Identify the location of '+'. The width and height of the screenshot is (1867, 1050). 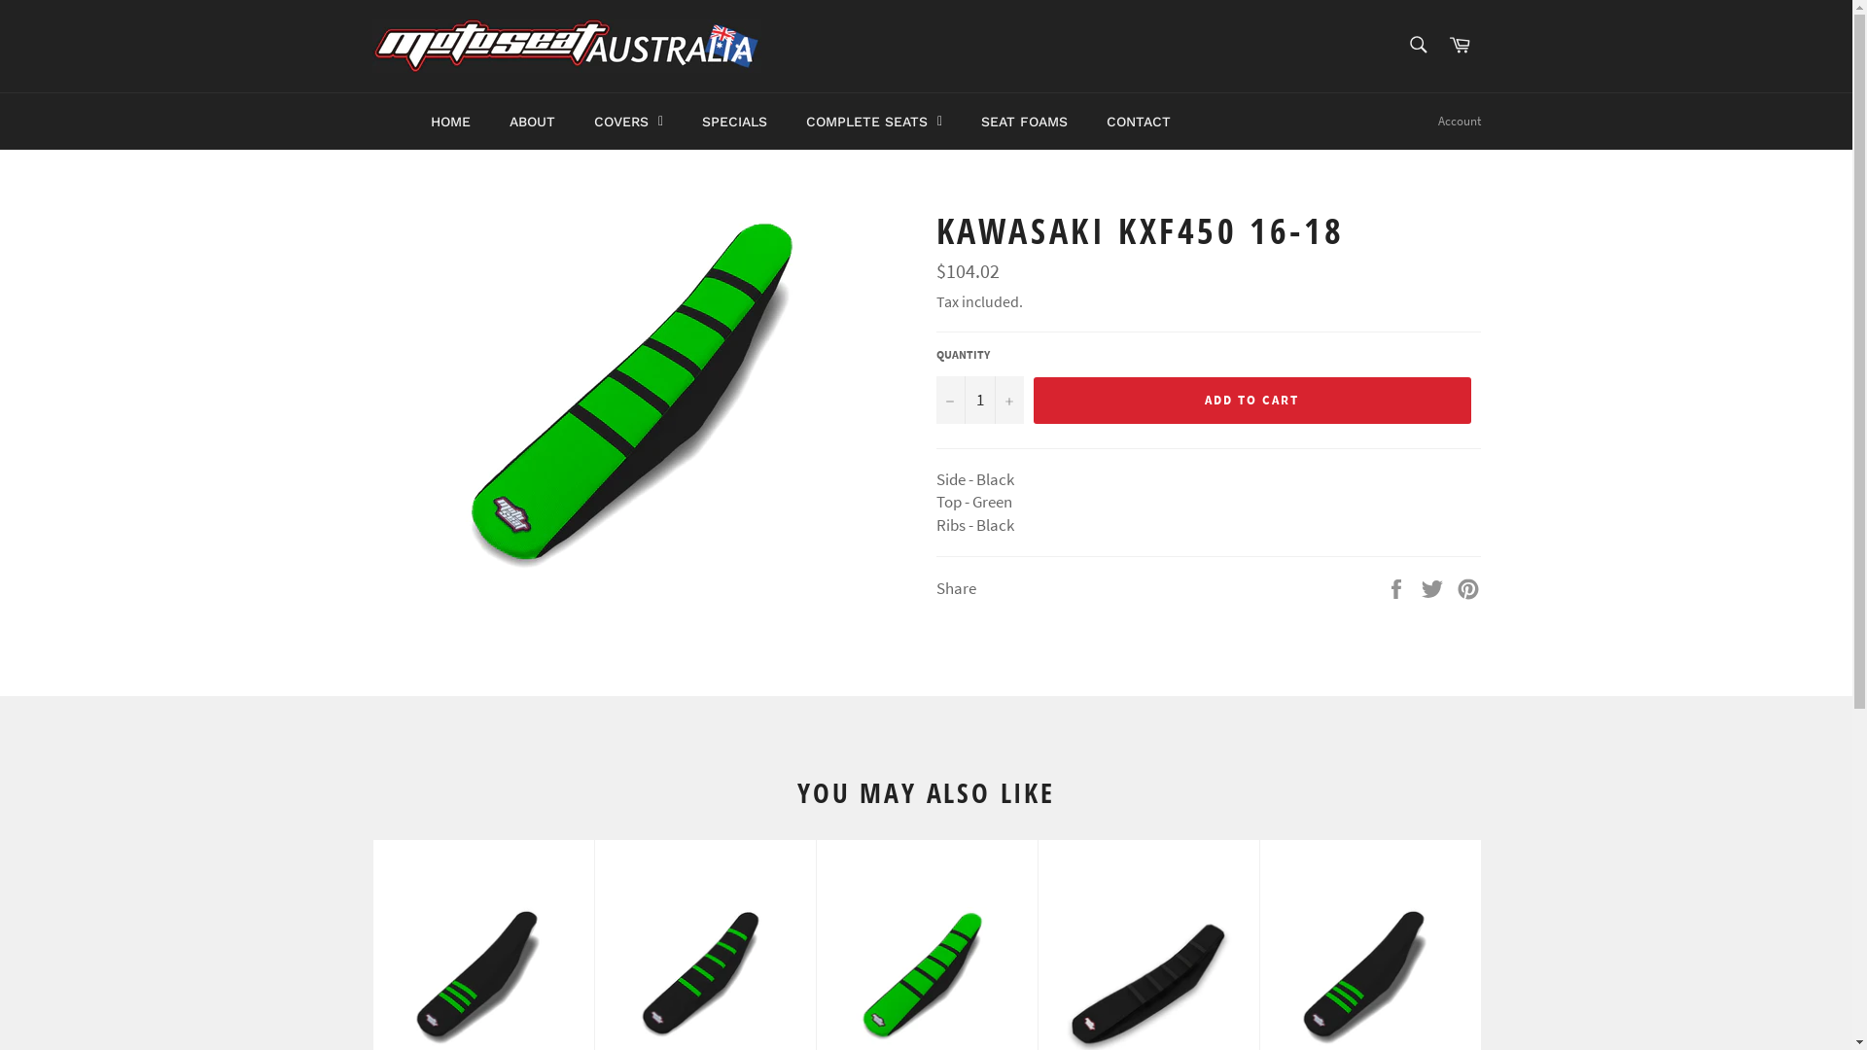
(994, 399).